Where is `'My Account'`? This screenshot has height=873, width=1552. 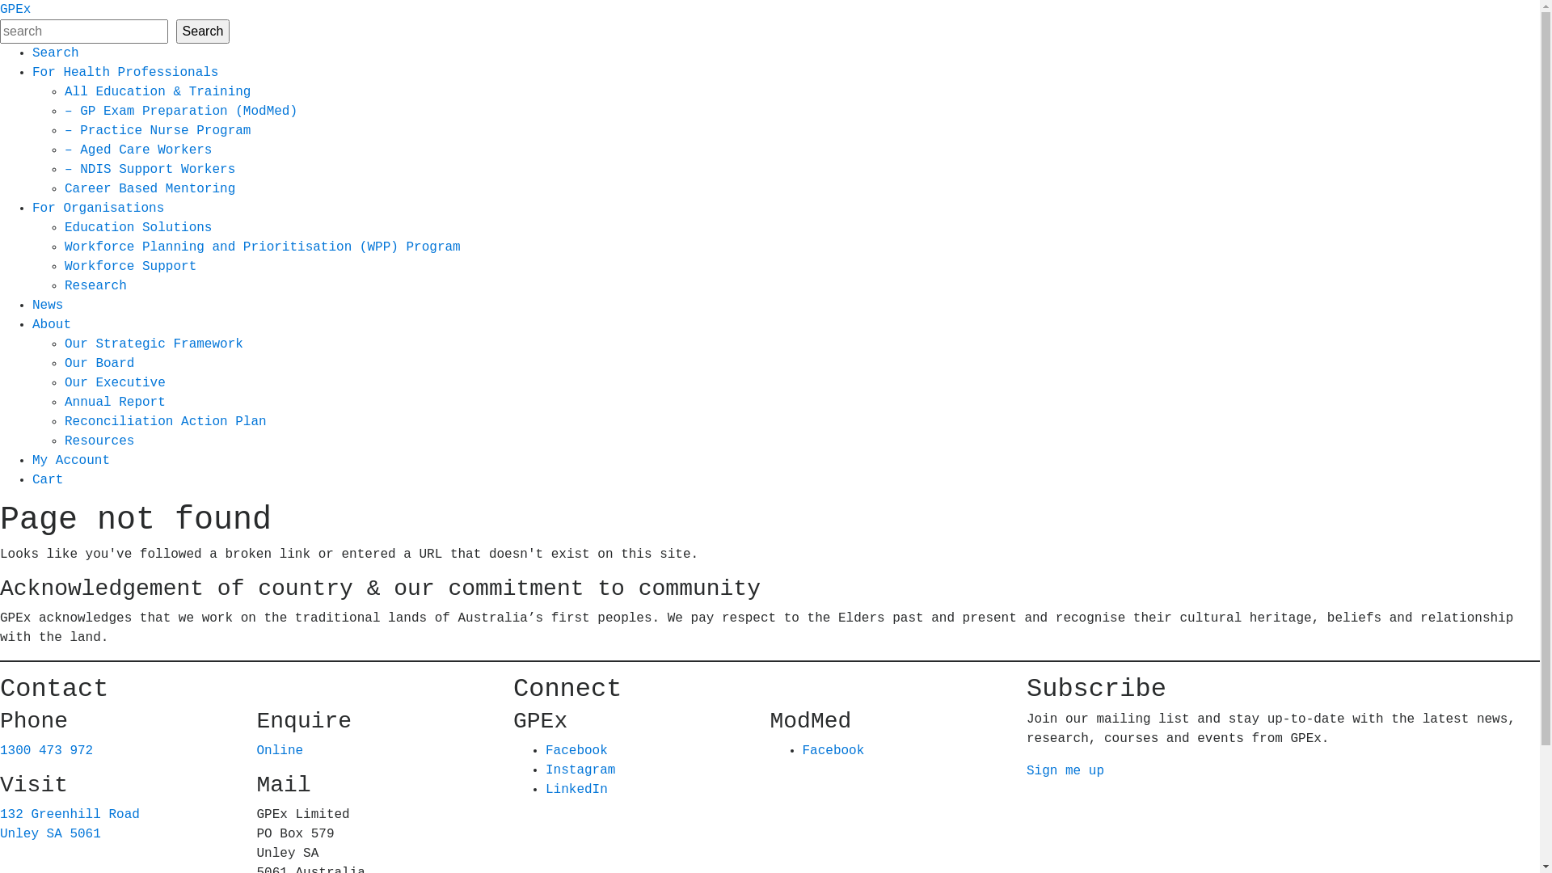
'My Account' is located at coordinates (32, 461).